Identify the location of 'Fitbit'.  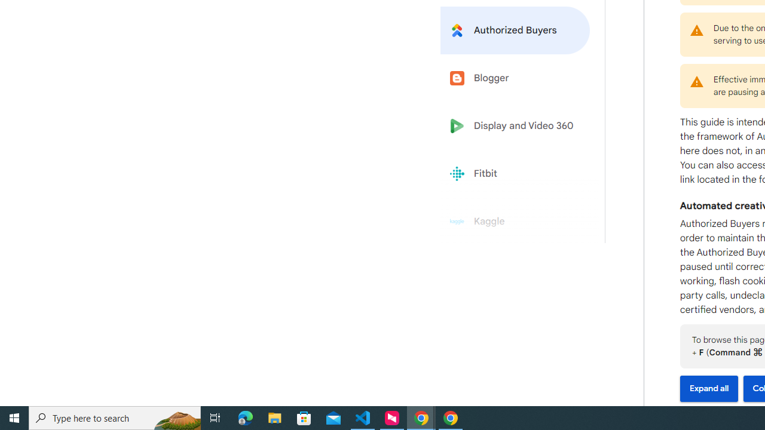
(515, 174).